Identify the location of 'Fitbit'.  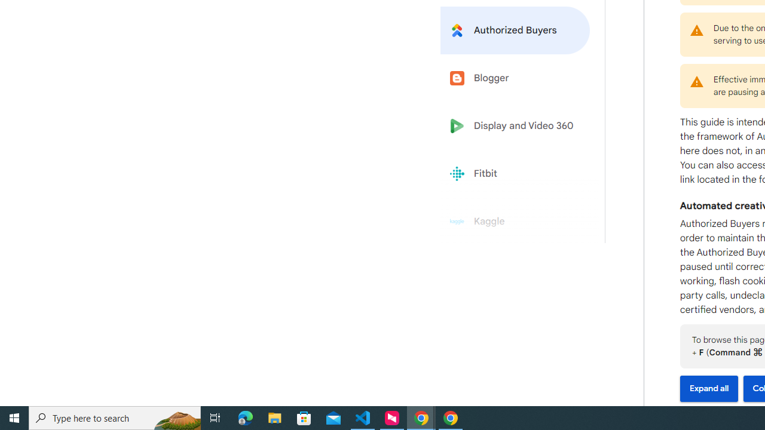
(515, 174).